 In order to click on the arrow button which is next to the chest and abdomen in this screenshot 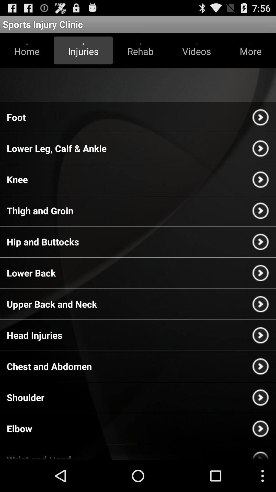, I will do `click(260, 366)`.